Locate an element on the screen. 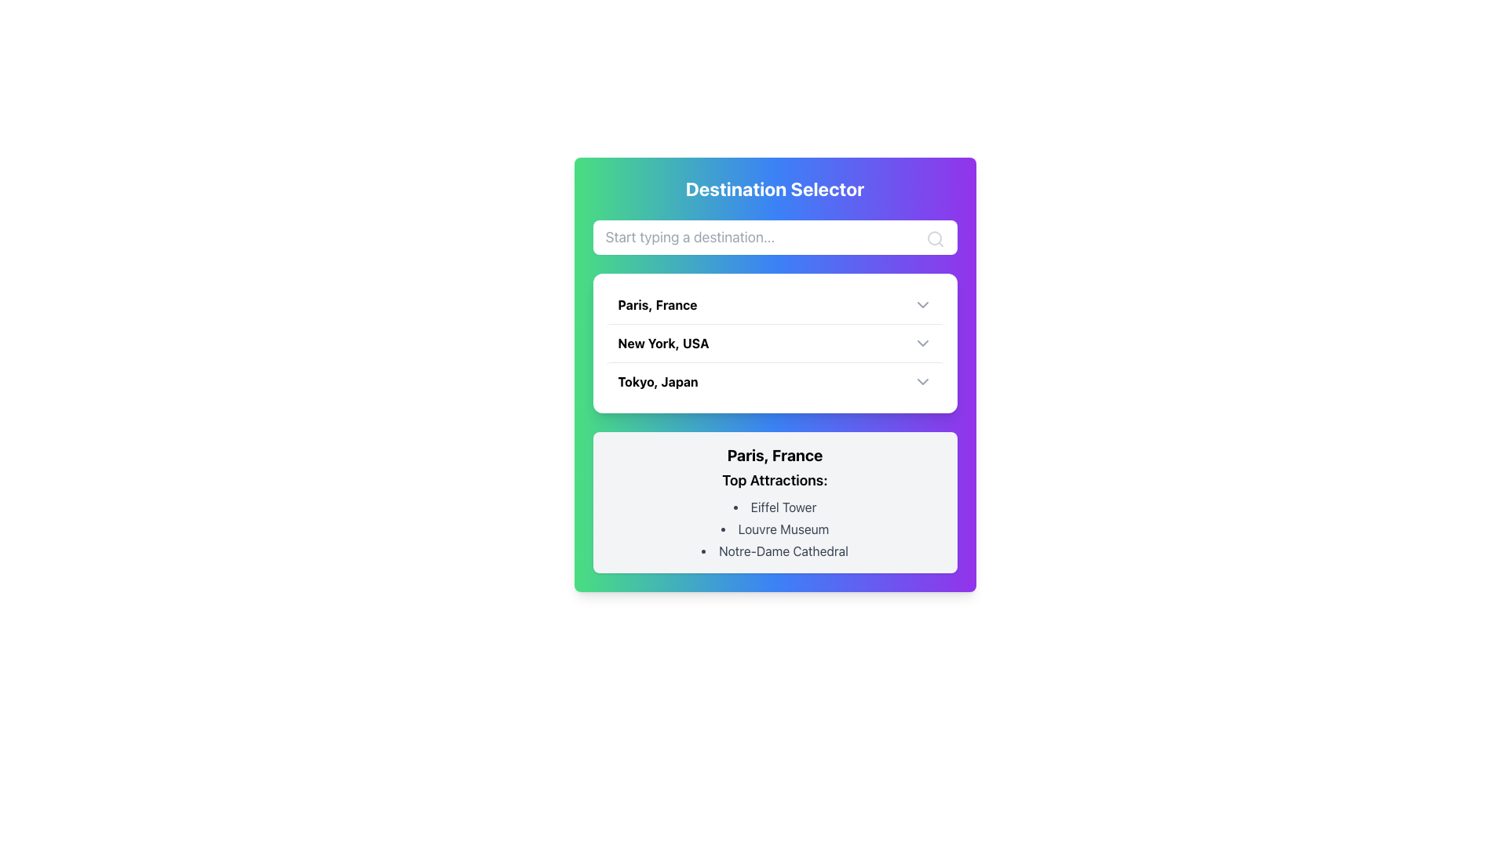 The width and height of the screenshot is (1507, 847). the second selectable list item labeled 'New York, USA' in the 'Destination Selector' dropdown menu is located at coordinates (775, 342).